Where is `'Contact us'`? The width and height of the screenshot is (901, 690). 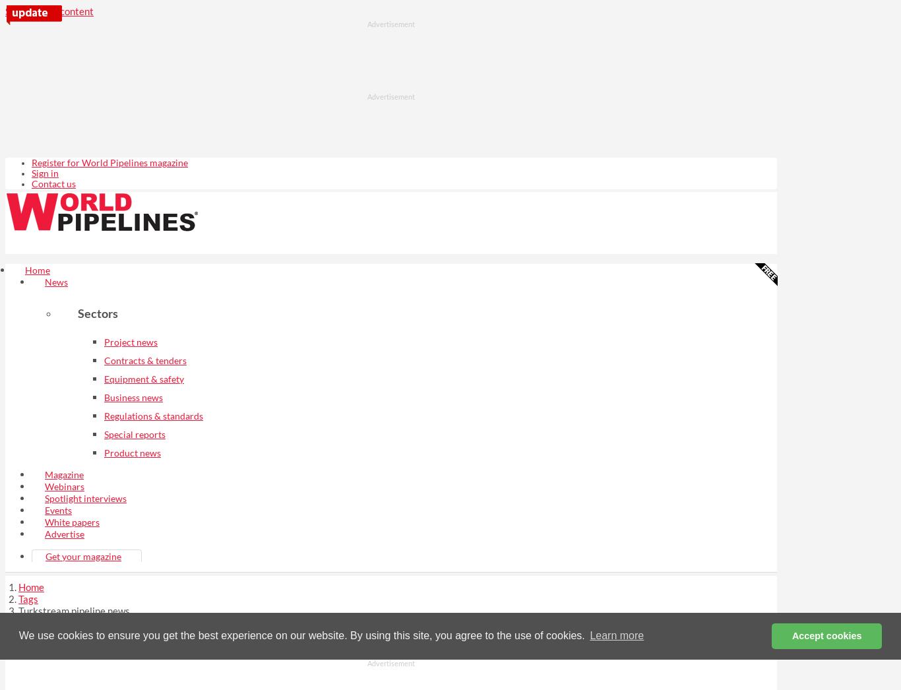 'Contact us' is located at coordinates (53, 183).